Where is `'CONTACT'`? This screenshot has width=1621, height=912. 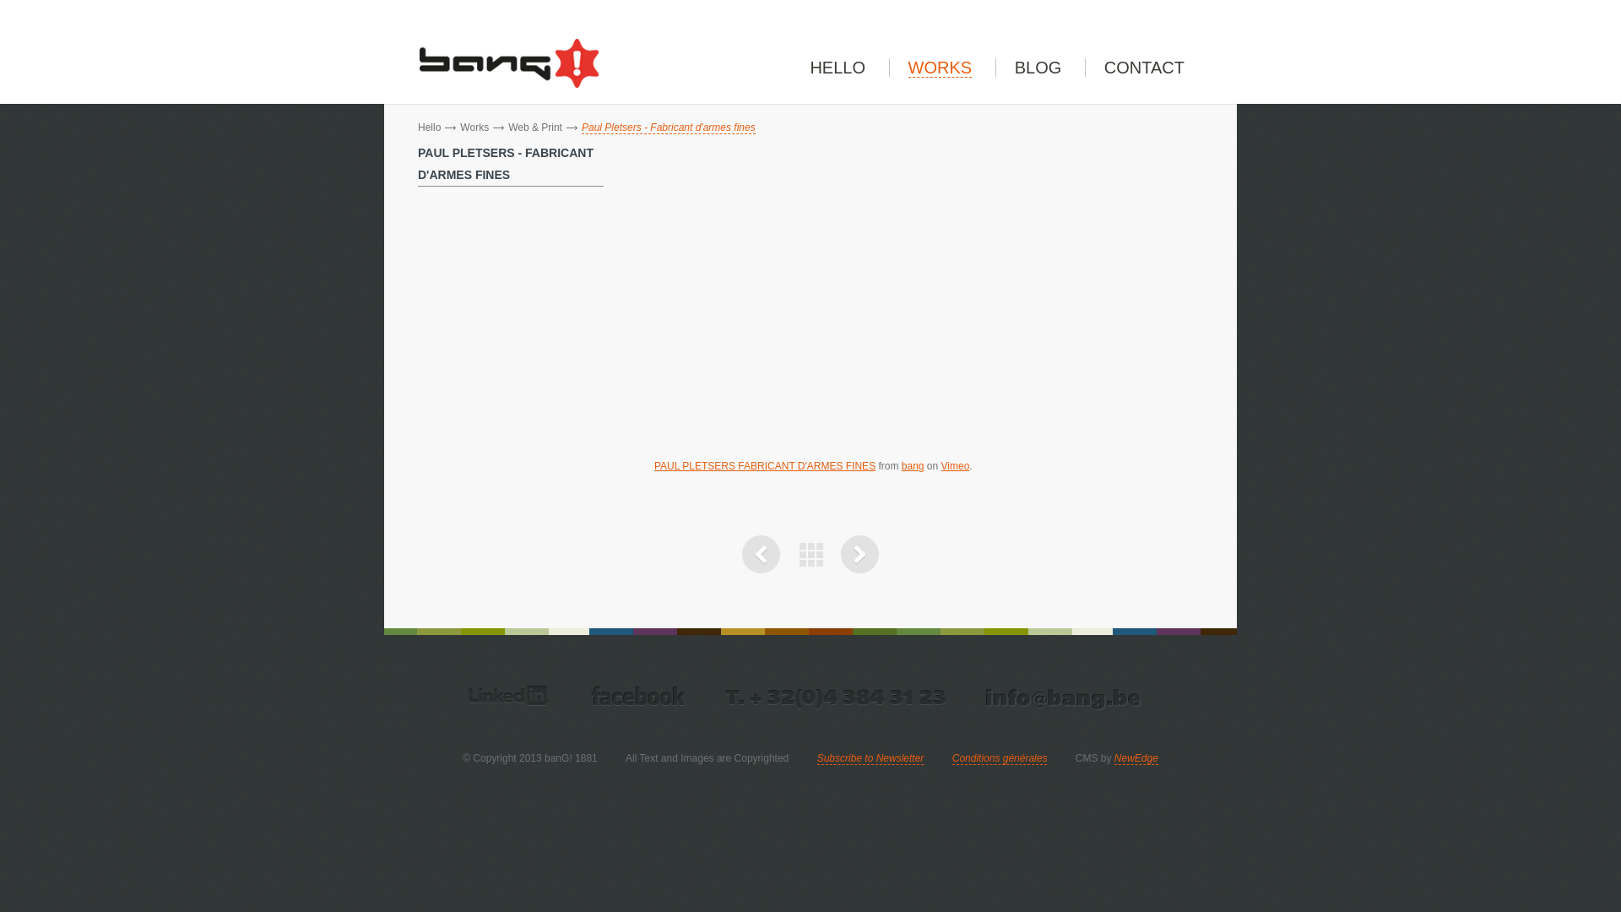 'CONTACT' is located at coordinates (1144, 67).